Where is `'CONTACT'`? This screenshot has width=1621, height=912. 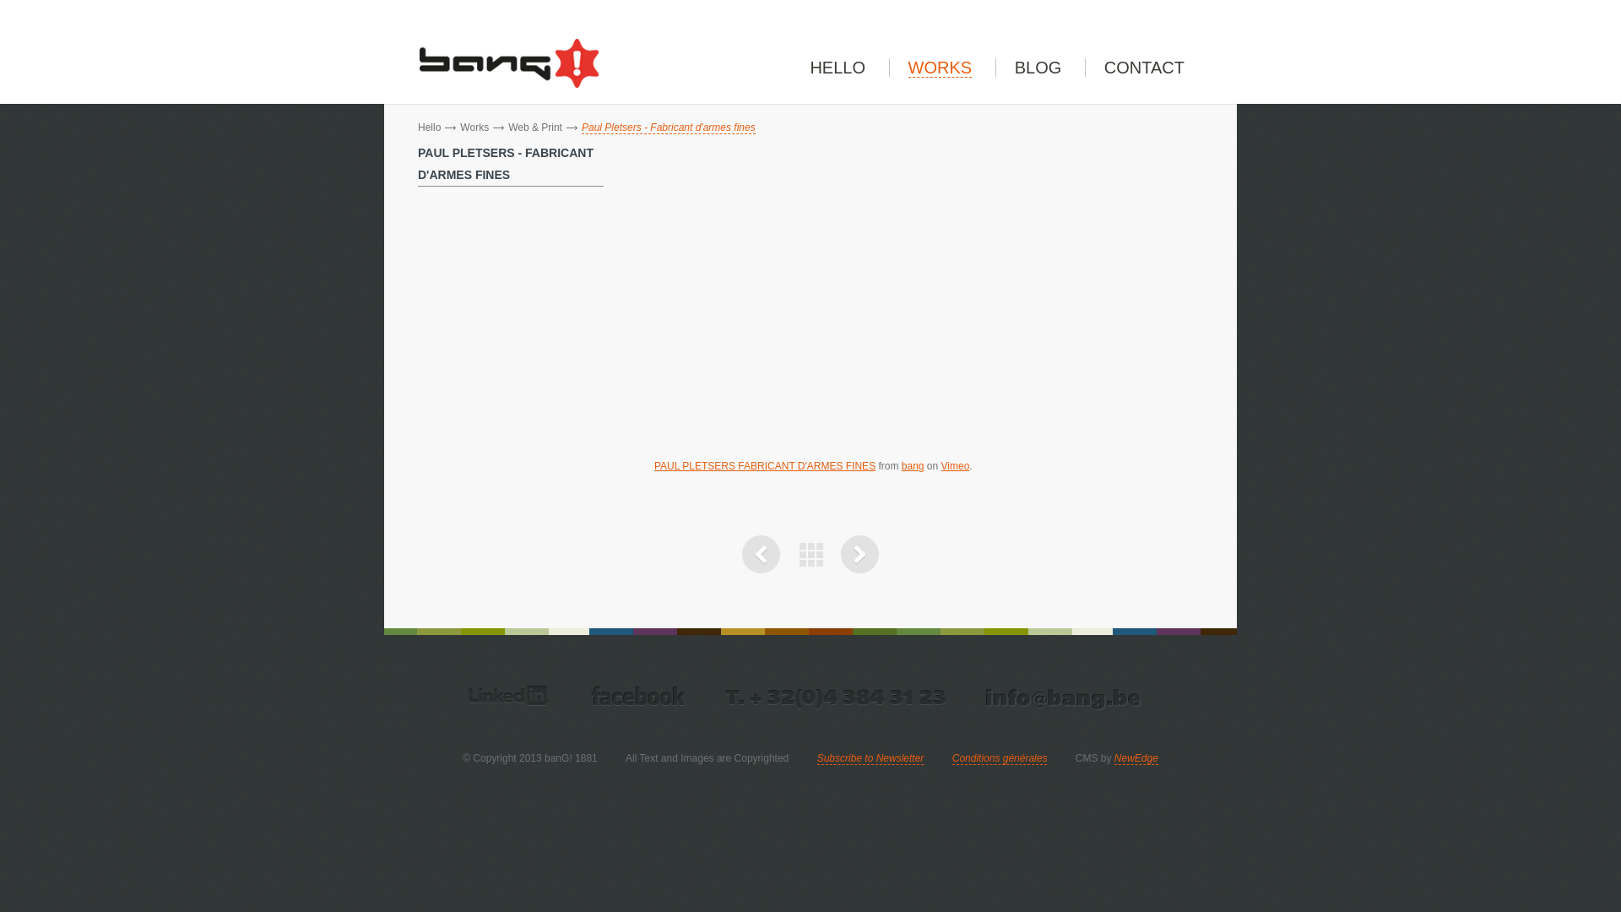 'CONTACT' is located at coordinates (1144, 67).